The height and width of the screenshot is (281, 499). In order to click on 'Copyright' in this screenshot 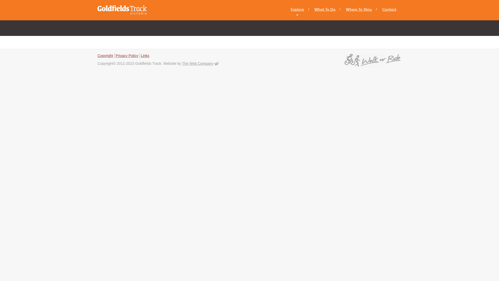, I will do `click(105, 55)`.